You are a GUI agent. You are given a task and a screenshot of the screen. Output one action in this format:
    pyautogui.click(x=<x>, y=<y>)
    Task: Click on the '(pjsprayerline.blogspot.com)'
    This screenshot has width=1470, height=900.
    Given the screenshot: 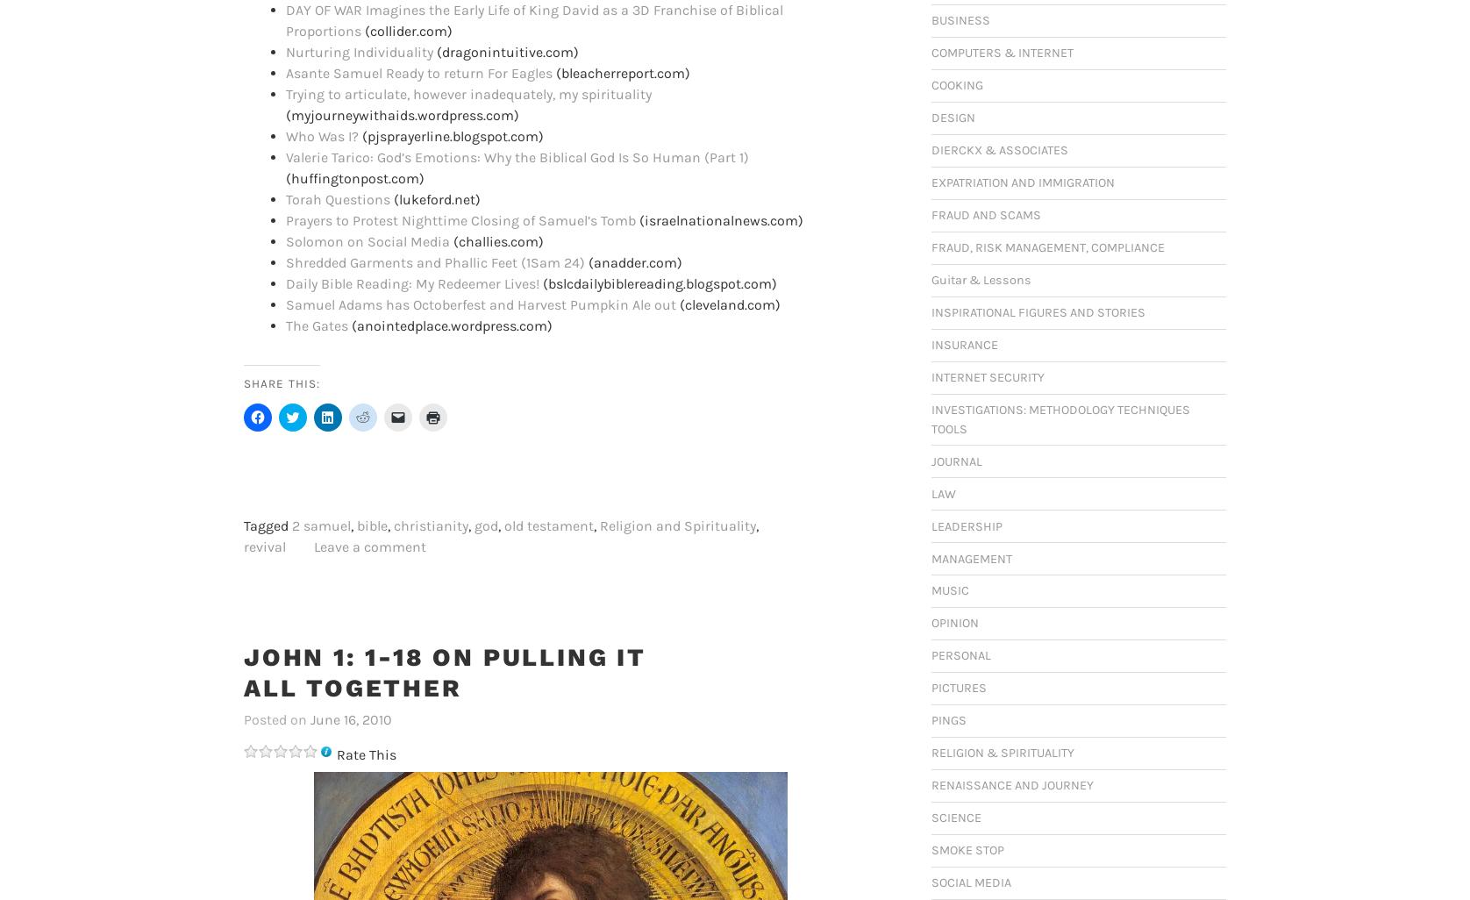 What is the action you would take?
    pyautogui.click(x=357, y=135)
    